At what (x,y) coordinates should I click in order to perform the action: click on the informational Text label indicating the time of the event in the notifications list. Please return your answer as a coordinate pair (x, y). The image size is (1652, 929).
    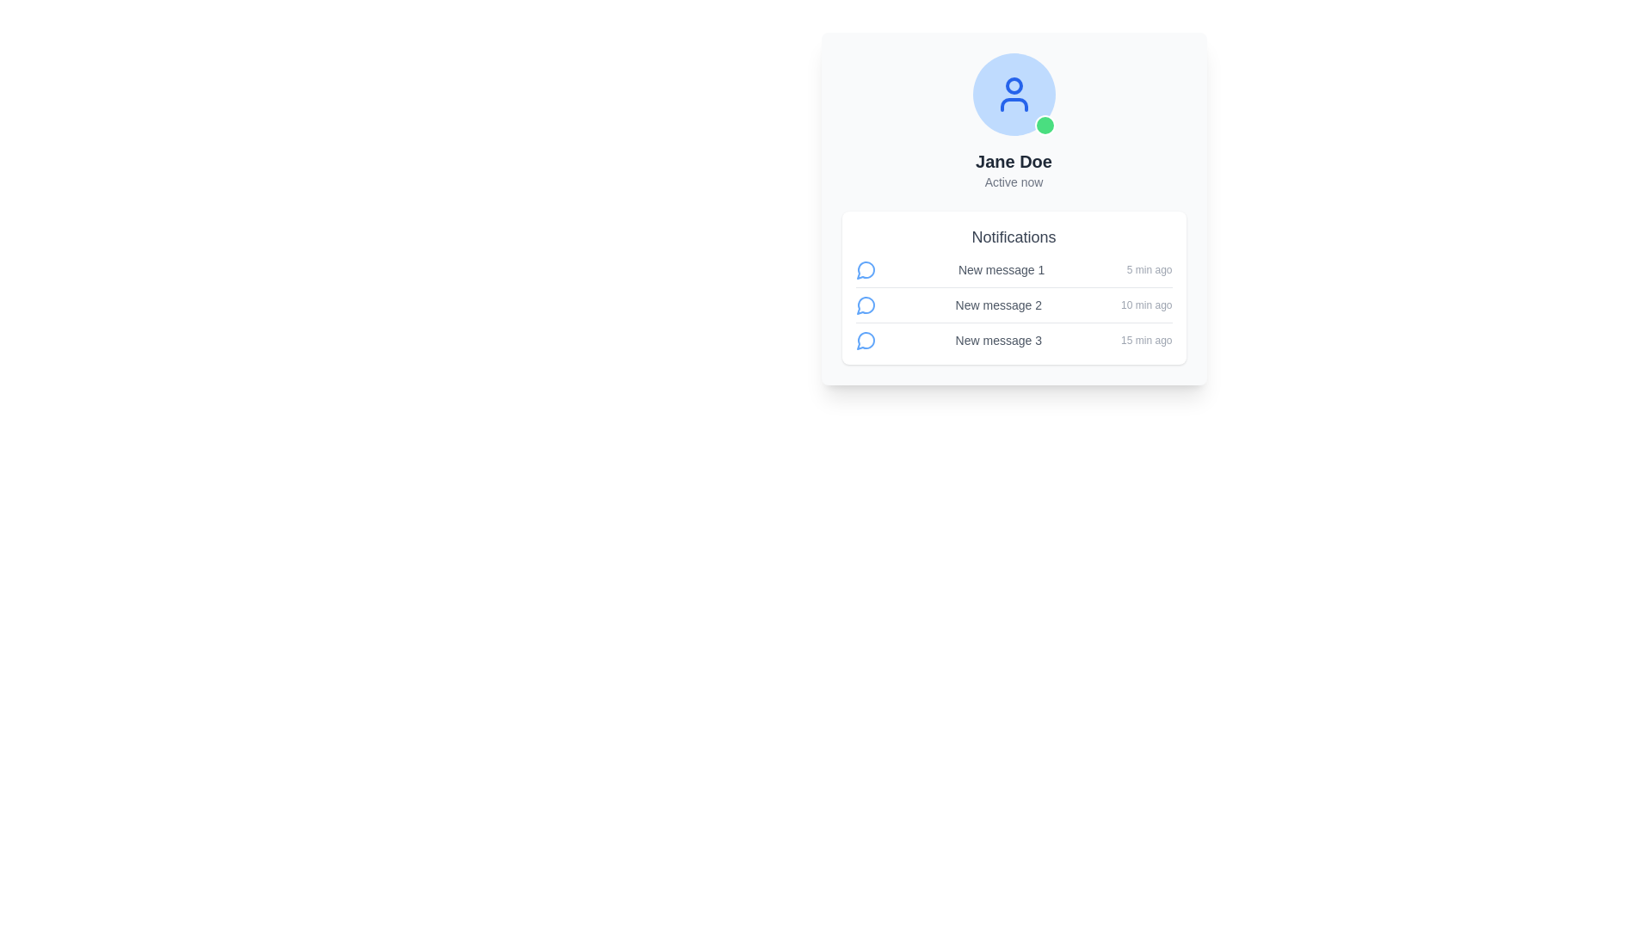
    Looking at the image, I should click on (1150, 269).